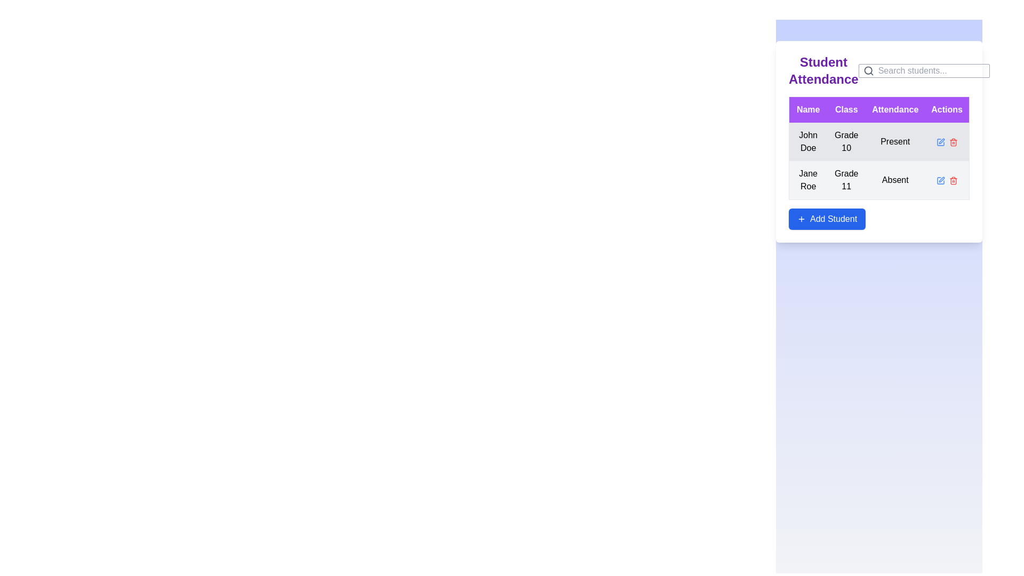 This screenshot has height=576, width=1024. Describe the element at coordinates (878, 109) in the screenshot. I see `the individual labels in the Table Header Row of the 'Student Attendance' panel to sort the table columns, as this element is interactive and located at the top of the table layout` at that location.